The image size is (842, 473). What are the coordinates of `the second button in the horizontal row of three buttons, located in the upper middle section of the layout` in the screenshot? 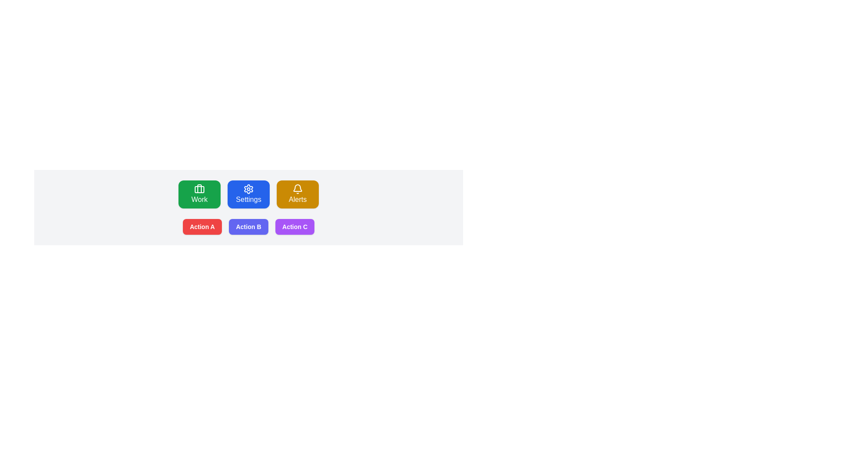 It's located at (248, 199).